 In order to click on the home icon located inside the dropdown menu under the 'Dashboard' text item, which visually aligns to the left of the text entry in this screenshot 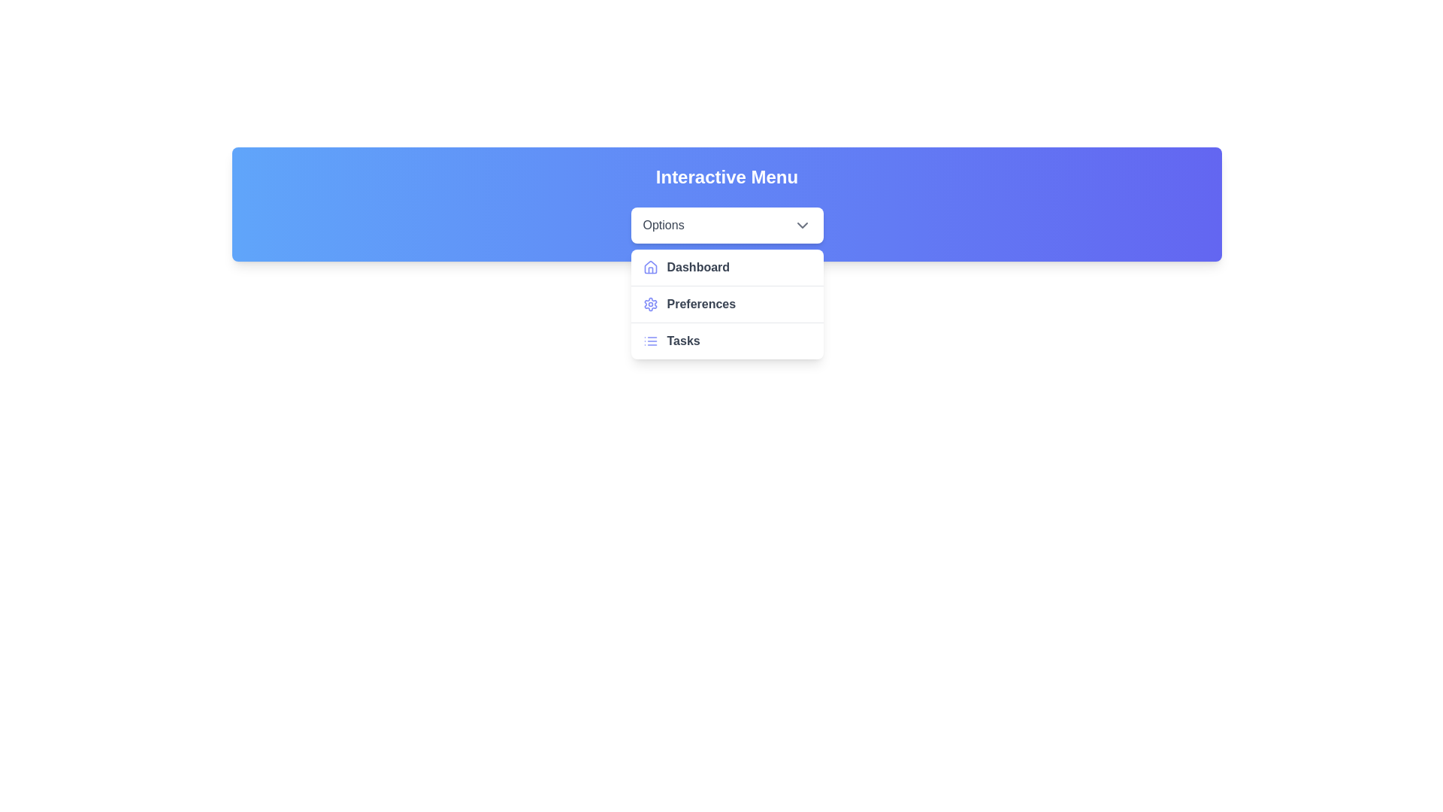, I will do `click(650, 266)`.